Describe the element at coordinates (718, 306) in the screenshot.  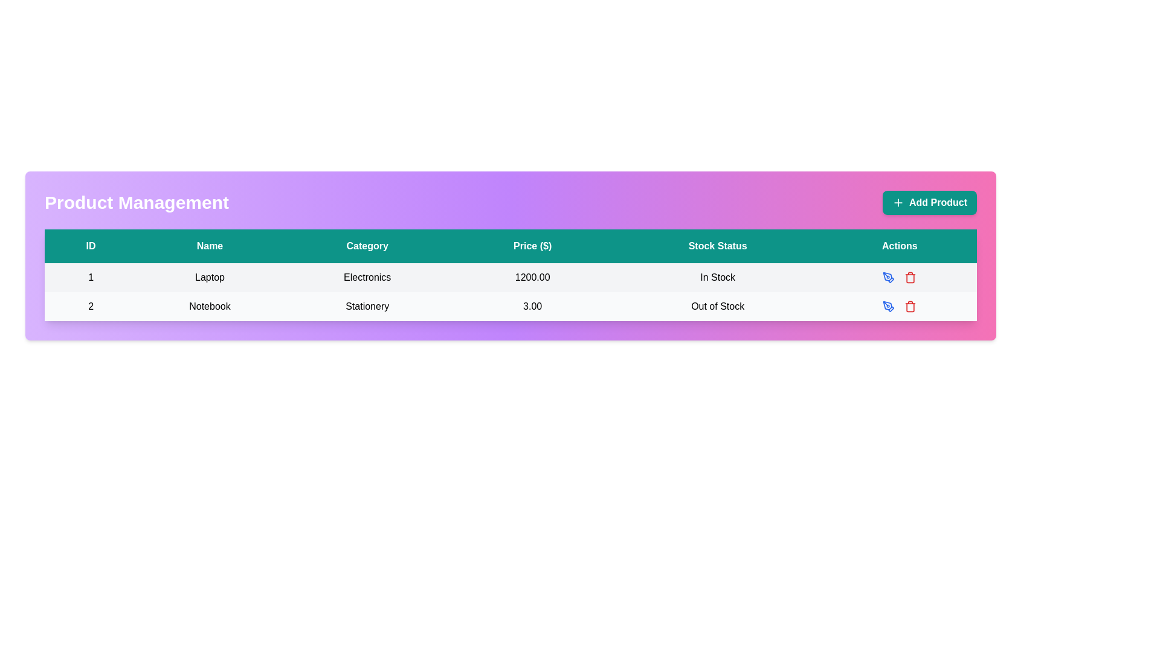
I see `the informational label indicating the availability status of the product 'Notebook', located in the 'Stock Status' column of the second row, to the right of the price '3.00'` at that location.